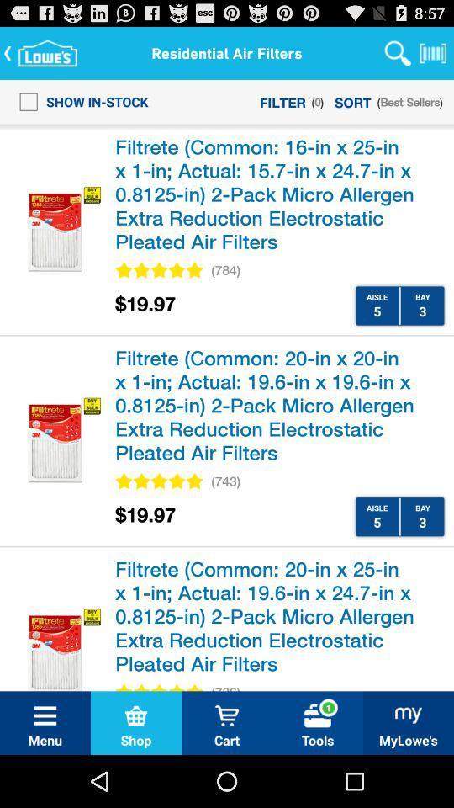 The width and height of the screenshot is (454, 808). Describe the element at coordinates (225, 686) in the screenshot. I see `(736) icon` at that location.